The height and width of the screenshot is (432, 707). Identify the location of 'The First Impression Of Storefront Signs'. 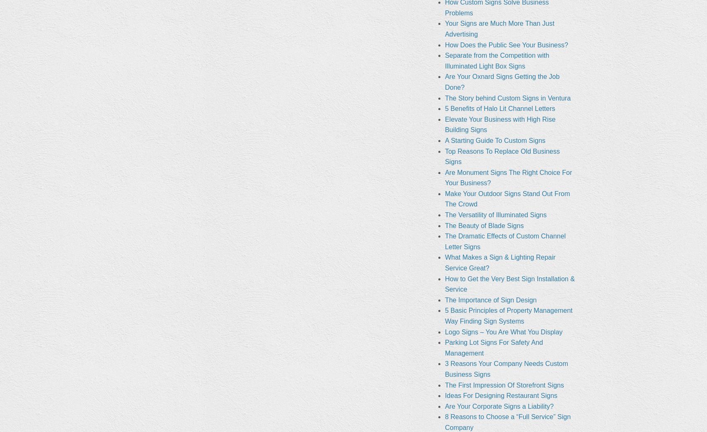
(504, 385).